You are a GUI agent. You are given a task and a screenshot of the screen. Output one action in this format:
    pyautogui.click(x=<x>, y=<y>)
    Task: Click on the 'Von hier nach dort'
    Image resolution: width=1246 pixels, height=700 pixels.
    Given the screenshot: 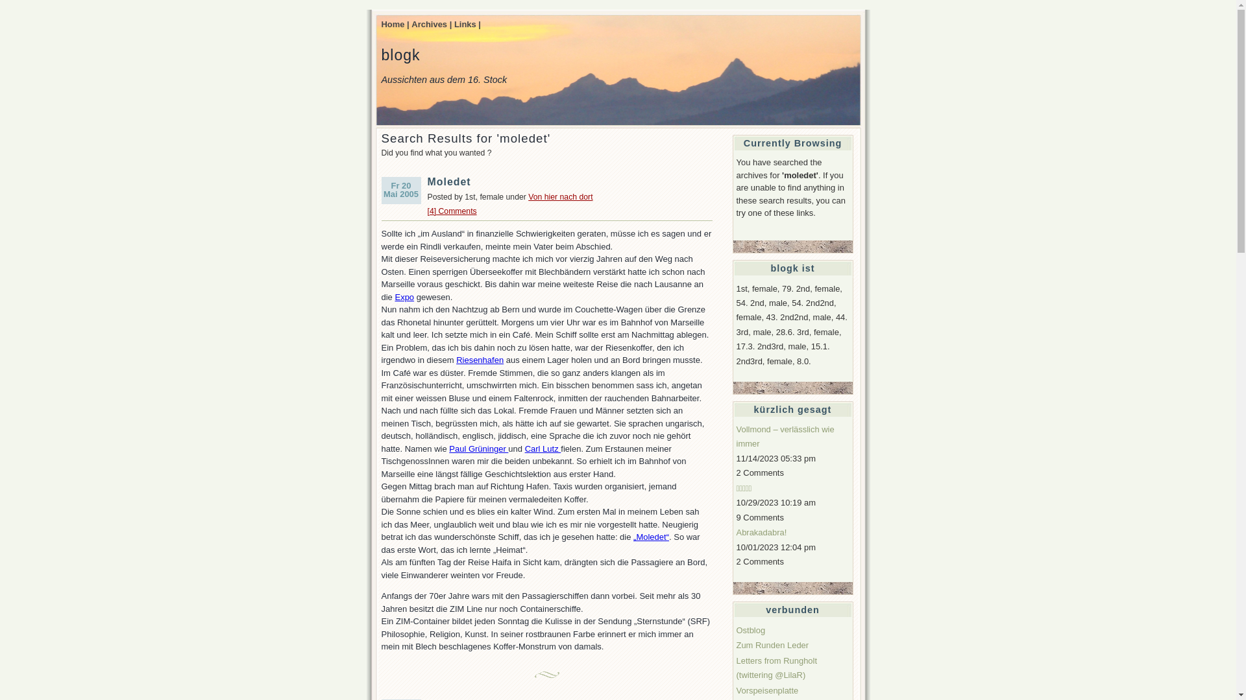 What is the action you would take?
    pyautogui.click(x=528, y=197)
    